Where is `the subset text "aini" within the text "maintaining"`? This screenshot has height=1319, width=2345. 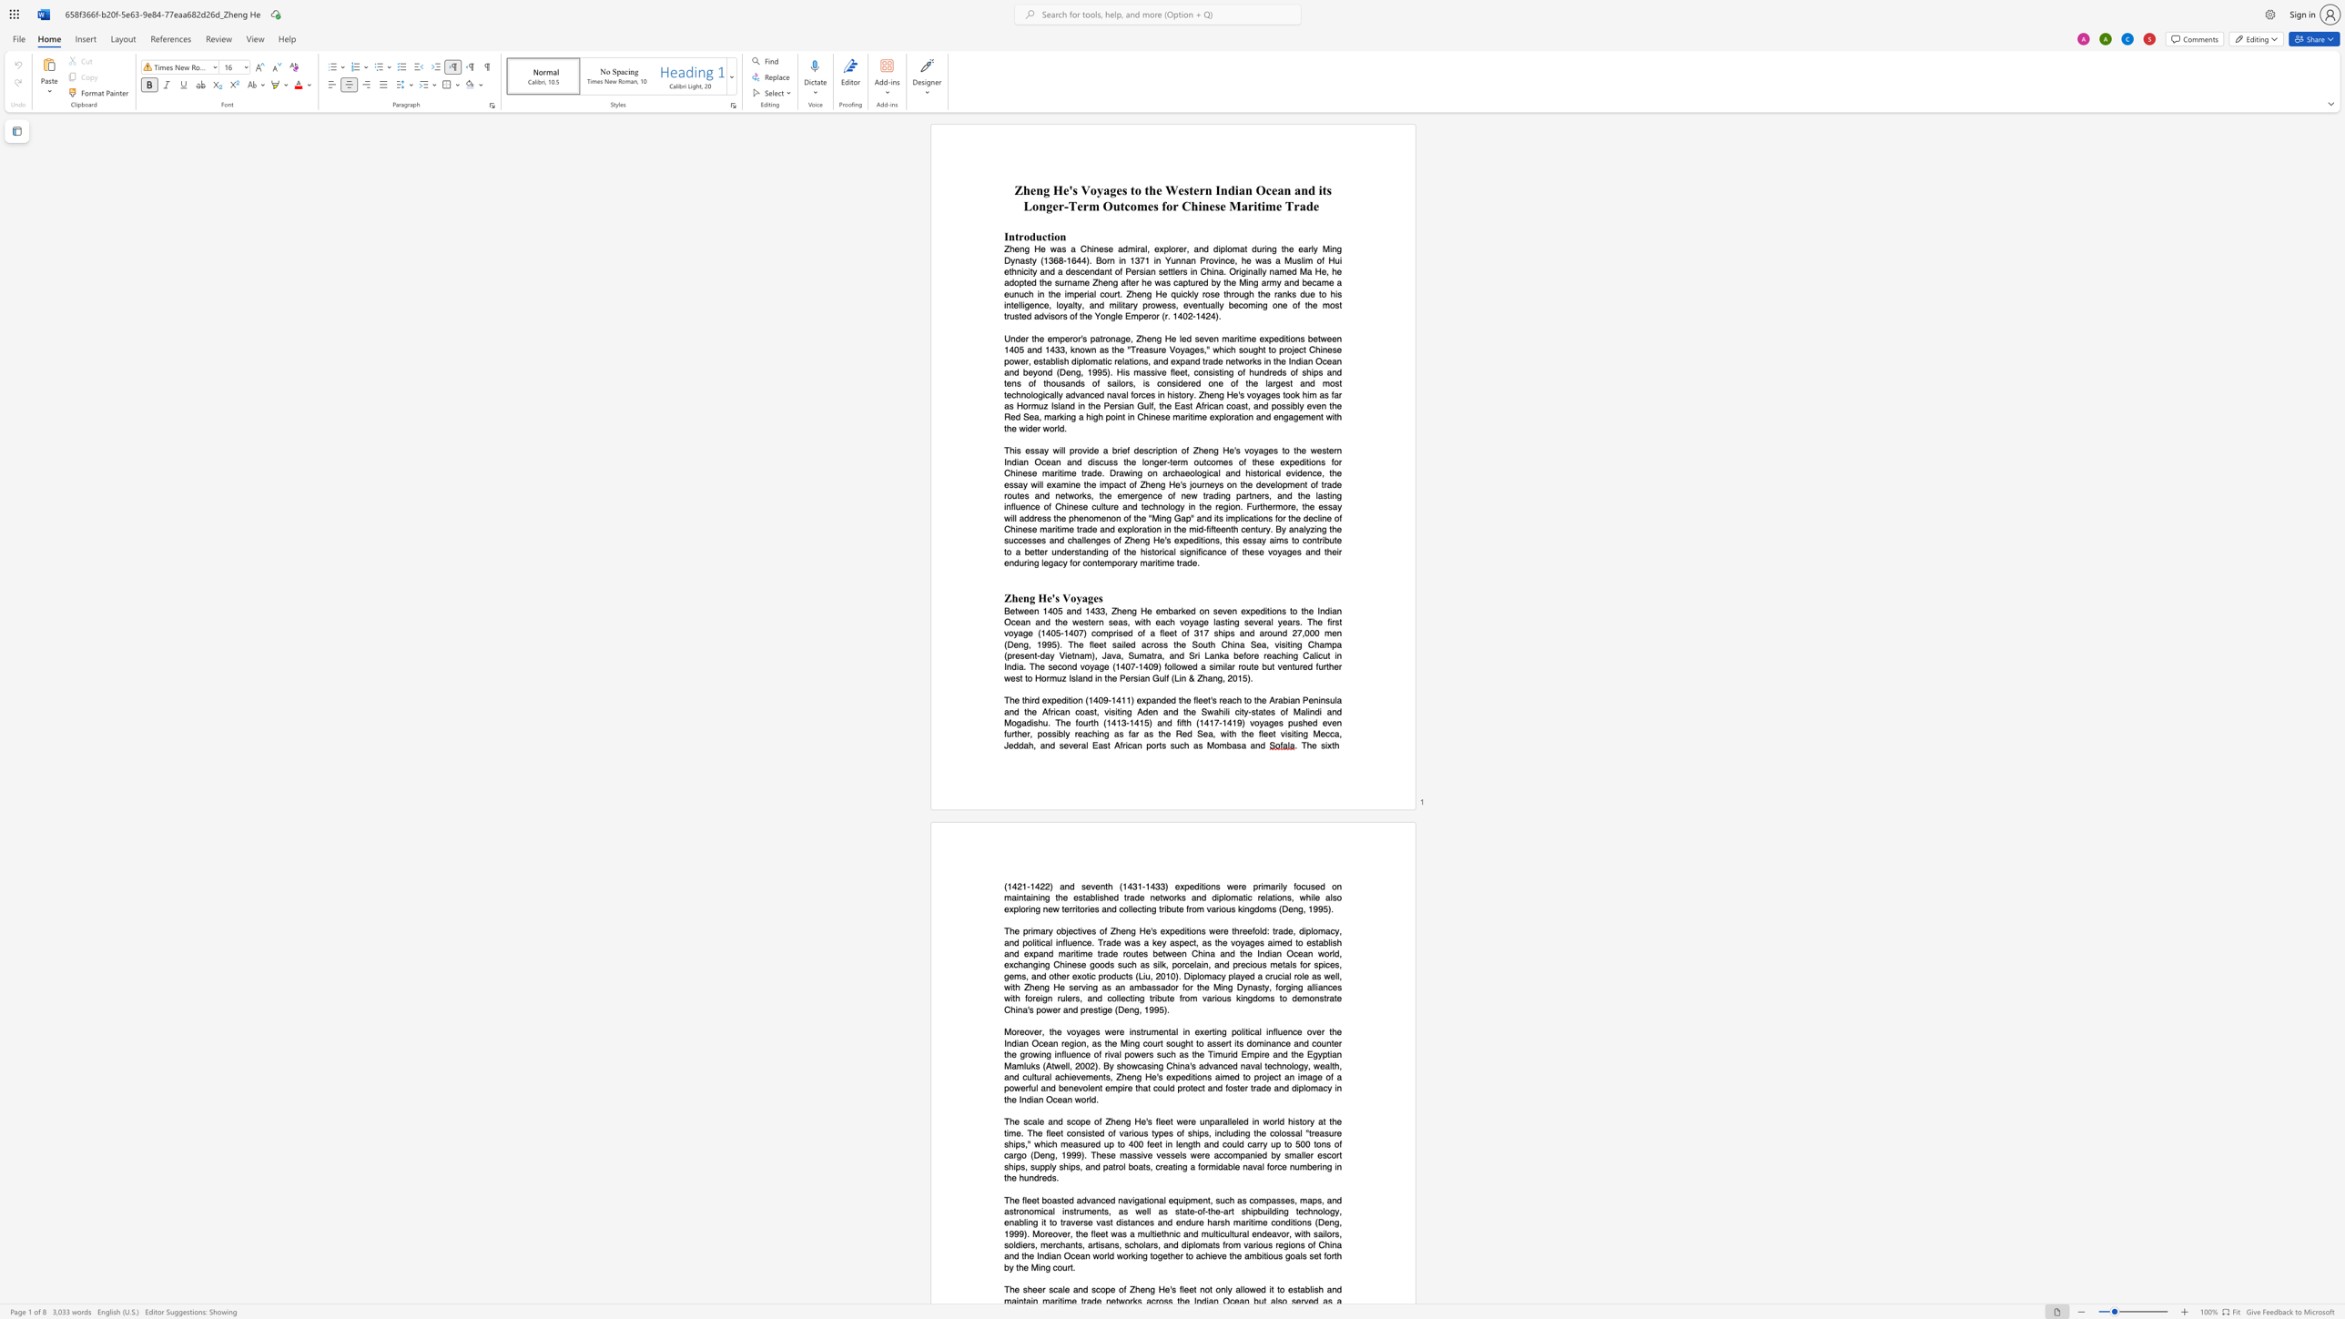 the subset text "aini" within the text "maintaining" is located at coordinates (1026, 898).